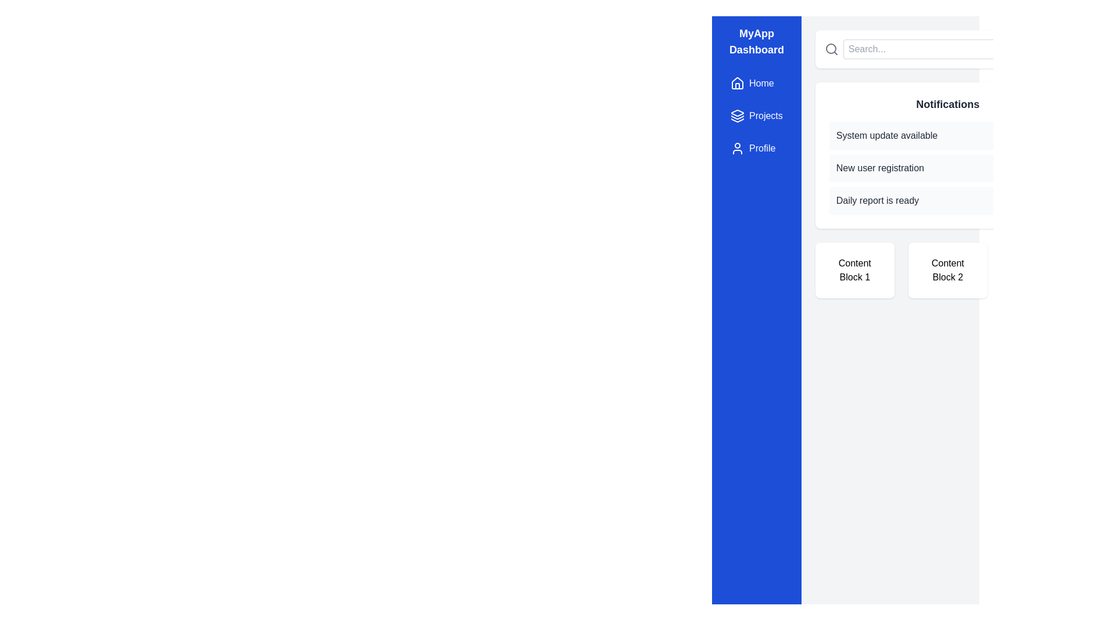  I want to click on the 'Projects' option in the navigational menu located in the blue sidebar beneath the 'MyApp Dashboard' heading for keyboard navigation, so click(756, 116).